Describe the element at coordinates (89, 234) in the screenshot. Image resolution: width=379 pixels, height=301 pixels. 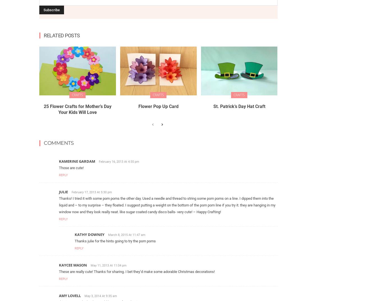
I see `'kathy downey'` at that location.